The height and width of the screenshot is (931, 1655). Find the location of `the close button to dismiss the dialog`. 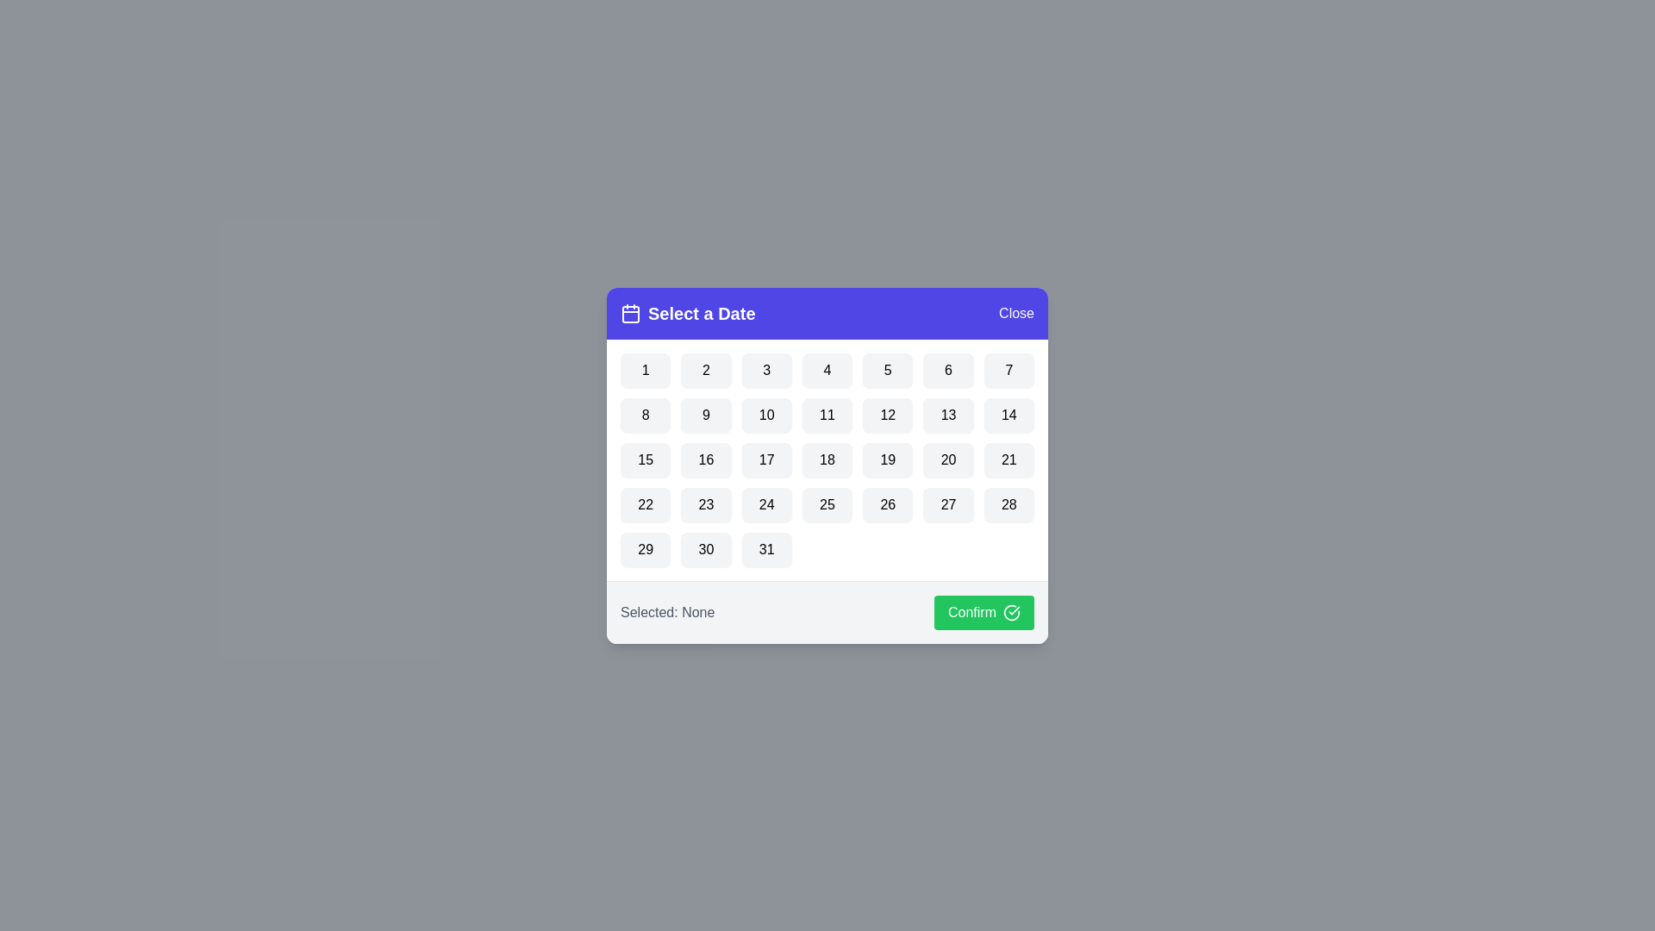

the close button to dismiss the dialog is located at coordinates (1016, 313).